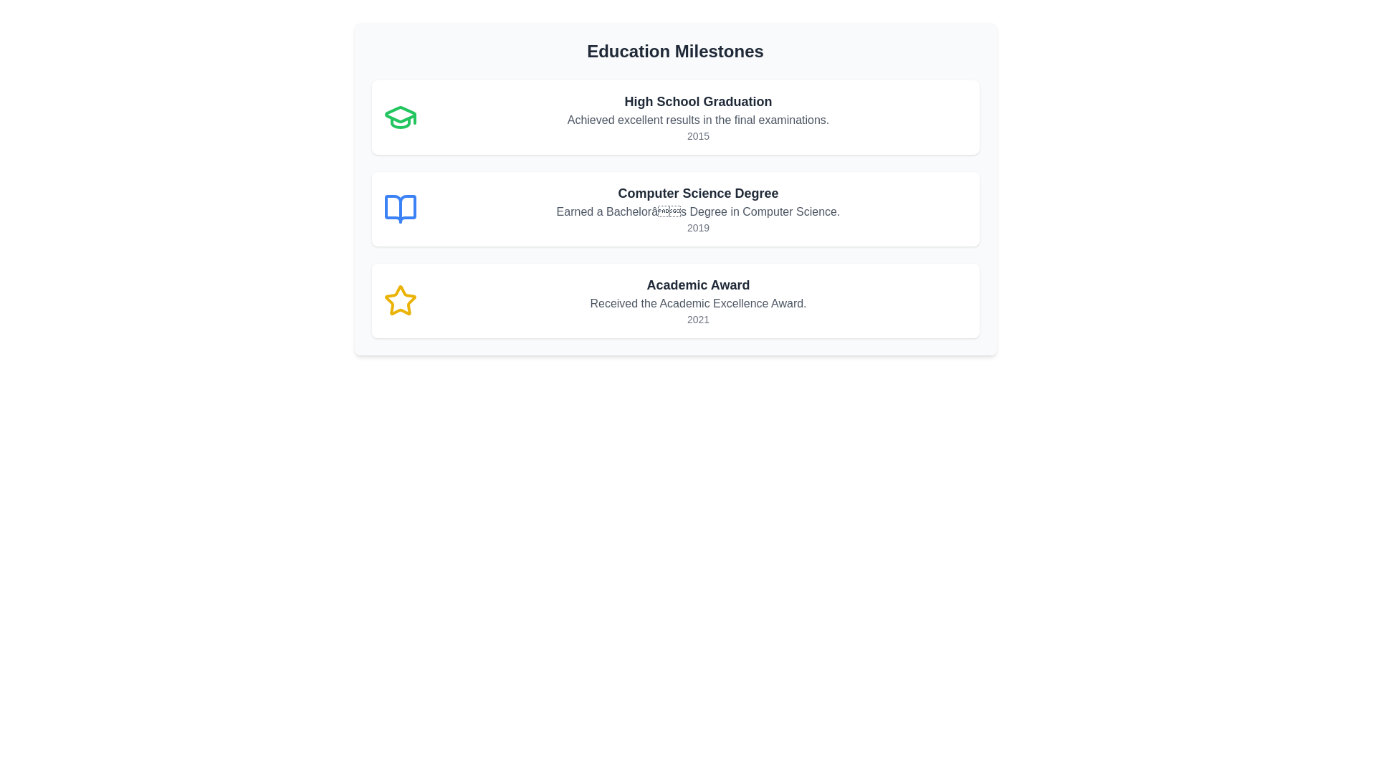  Describe the element at coordinates (698, 101) in the screenshot. I see `the Text Label that serves as the title for the milestone at the top of the 'High School Graduation' block under 'Education Milestones'` at that location.